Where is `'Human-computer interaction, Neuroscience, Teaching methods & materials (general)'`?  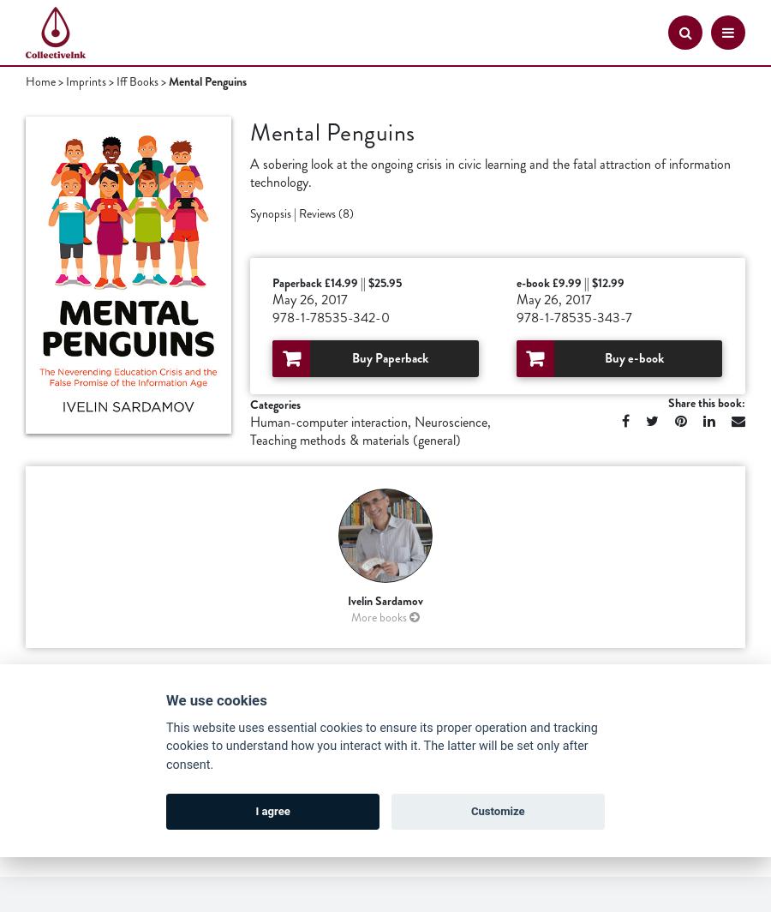 'Human-computer interaction, Neuroscience, Teaching methods & materials (general)' is located at coordinates (370, 430).